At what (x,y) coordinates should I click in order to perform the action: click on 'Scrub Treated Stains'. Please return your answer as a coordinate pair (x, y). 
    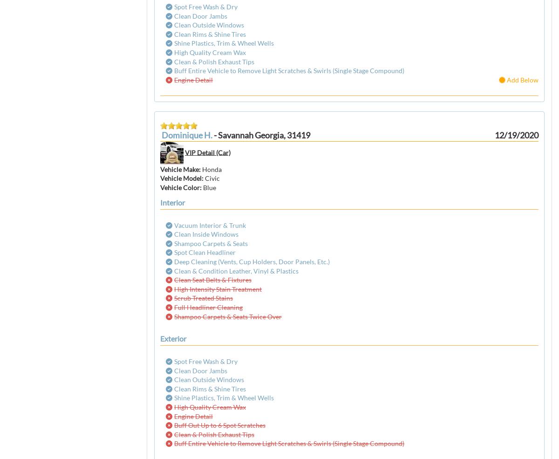
    Looking at the image, I should click on (204, 297).